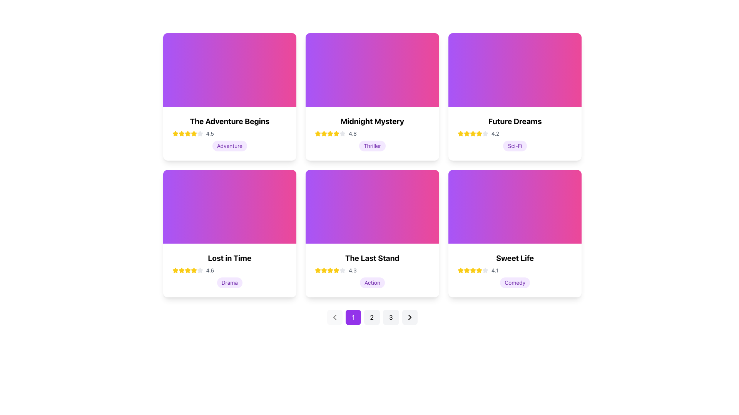 The width and height of the screenshot is (739, 415). Describe the element at coordinates (324, 133) in the screenshot. I see `the style and color of the third star-shaped icon (rating component) filled with yellow, located in the bottom-left corner of the card titled 'Midnight Mystery'` at that location.